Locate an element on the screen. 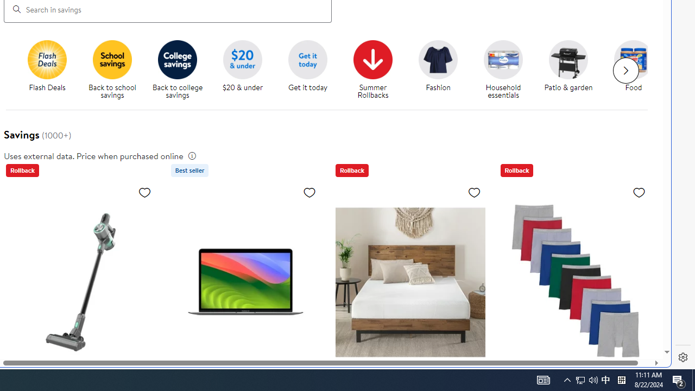 This screenshot has height=391, width=695. 'Back to school savings' is located at coordinates (117, 70).